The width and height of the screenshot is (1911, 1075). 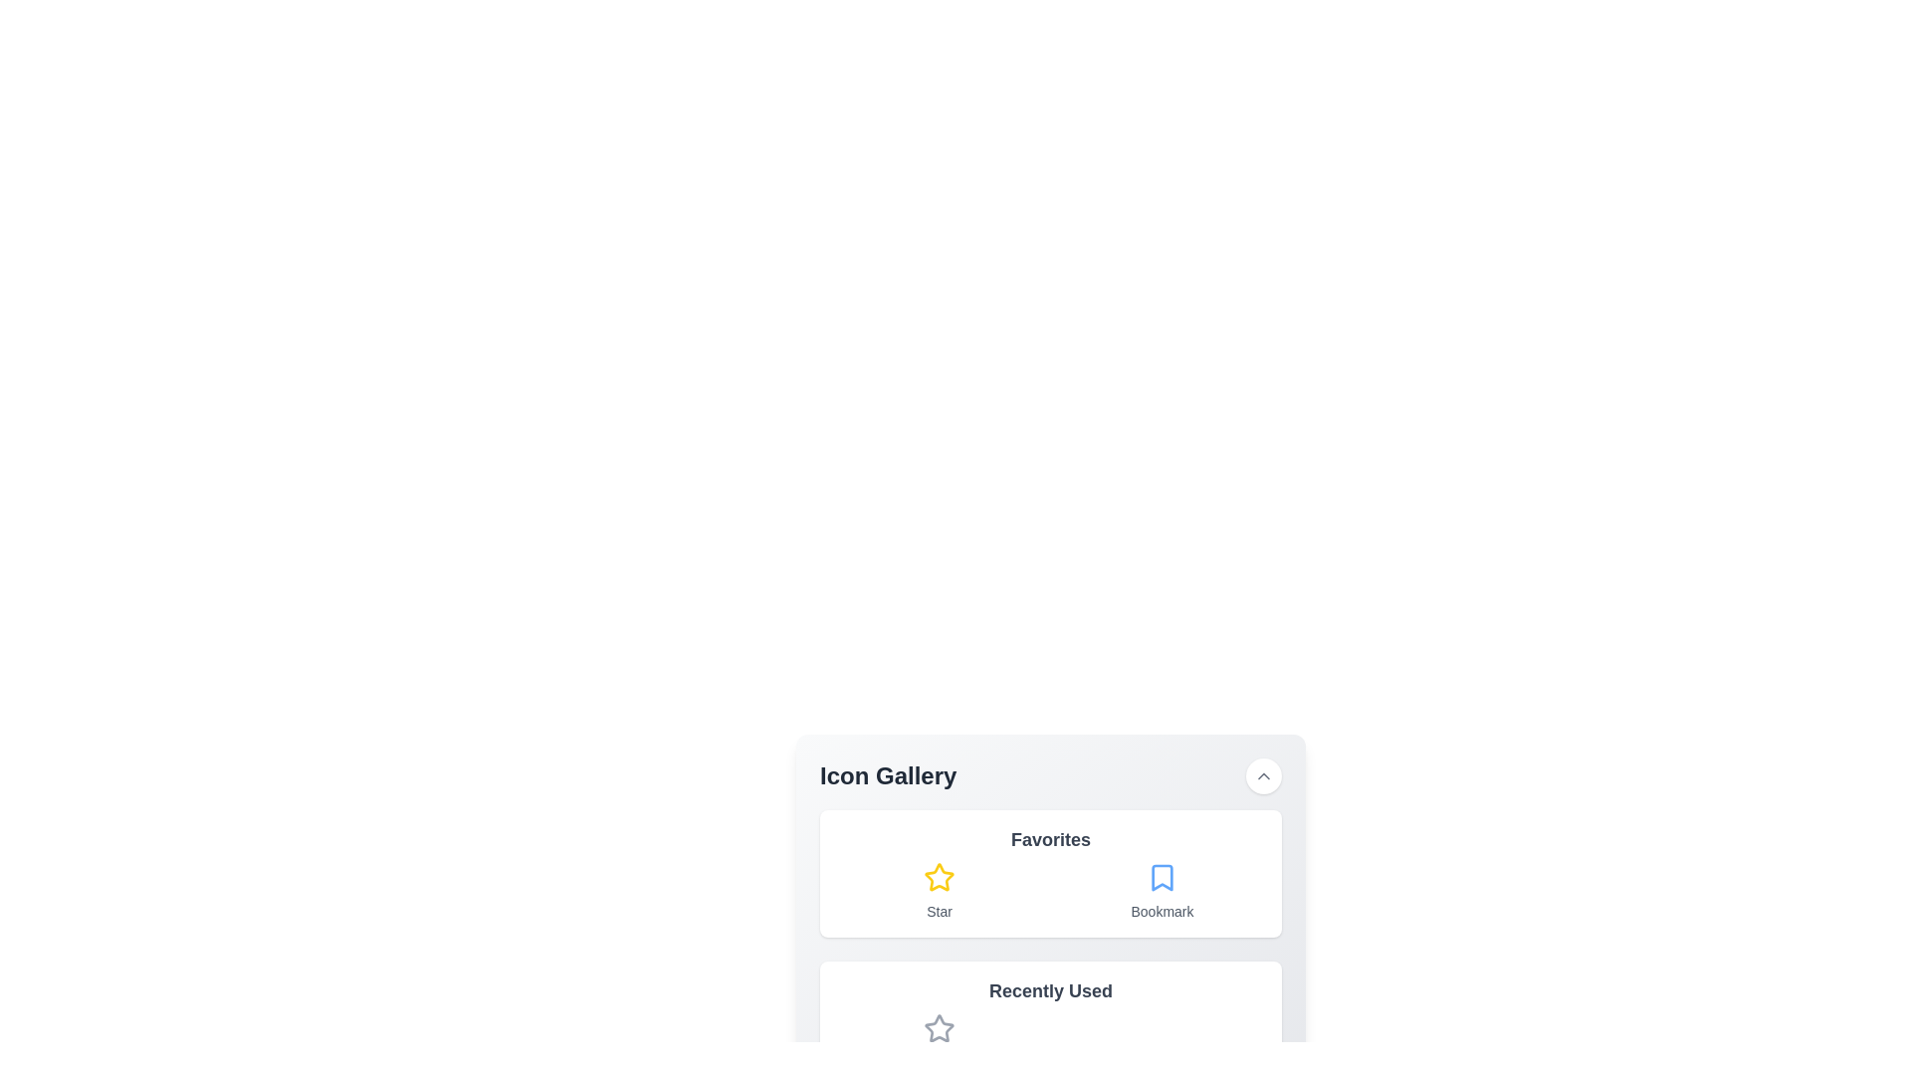 What do you see at coordinates (939, 1042) in the screenshot?
I see `the empty star icon labeled 'Star Empty' in the bottom section of the 'Recently Used' grouping within the 'Icon Gallery'` at bounding box center [939, 1042].